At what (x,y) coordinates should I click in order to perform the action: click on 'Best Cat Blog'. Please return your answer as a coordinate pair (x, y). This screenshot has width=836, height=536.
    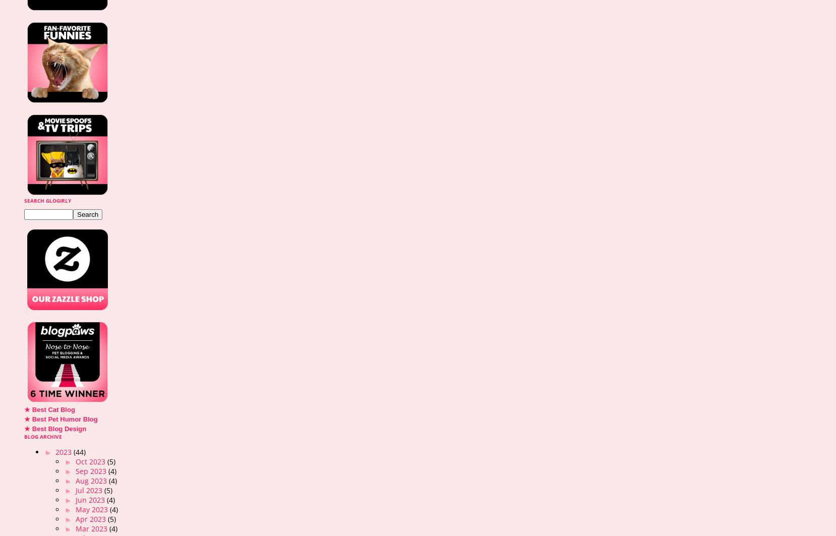
    Looking at the image, I should click on (52, 409).